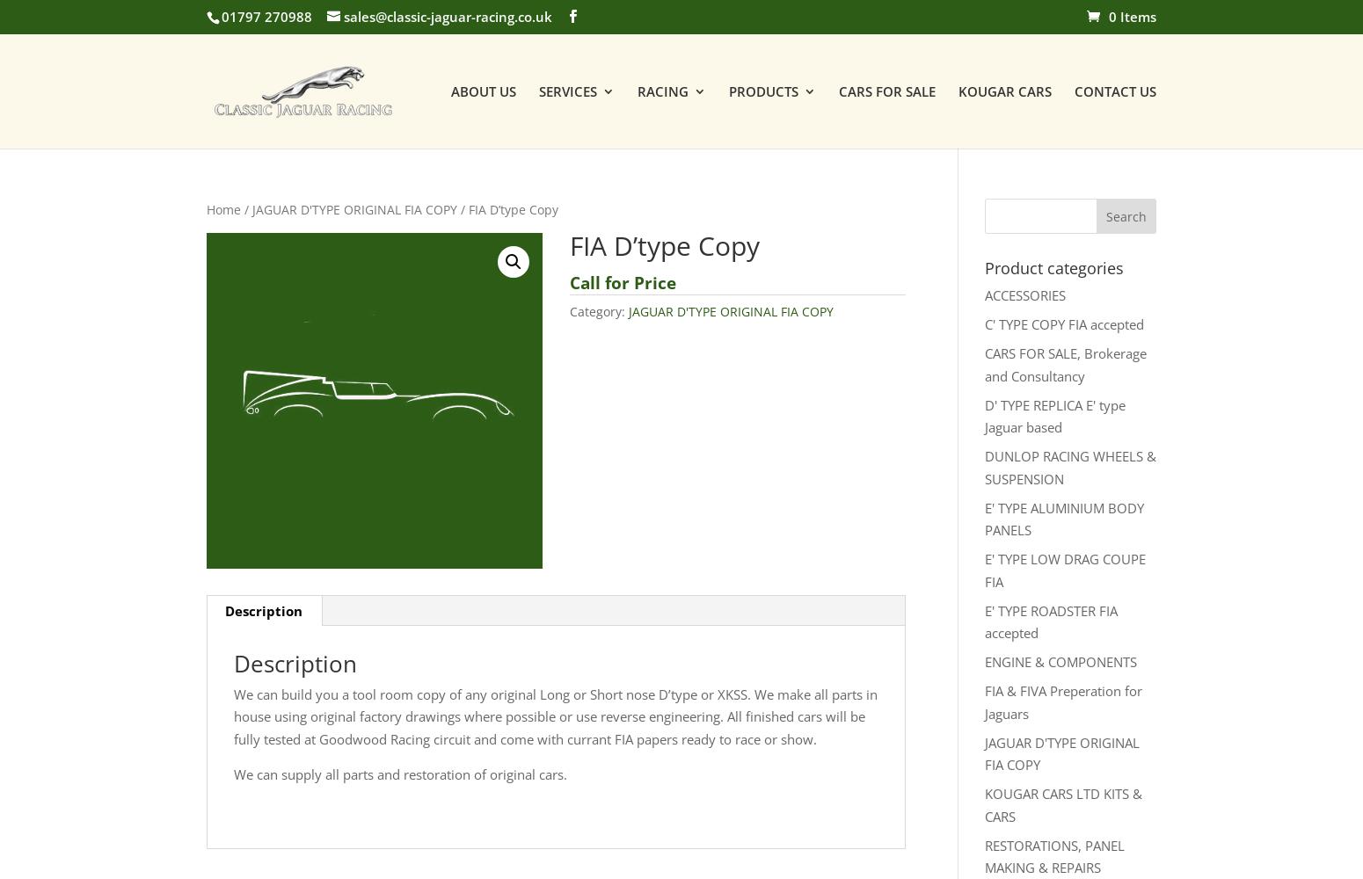  I want to click on 'We can build you a tool room copy of any original Long or Short nose D’type or XKSS. We make all parts in house using original factory drawings where possible or use reverse engineering. All finished cars will be fully tested at Goodwood Racing circuit and come with currant FIA papers ready to race or show.', so click(233, 715).